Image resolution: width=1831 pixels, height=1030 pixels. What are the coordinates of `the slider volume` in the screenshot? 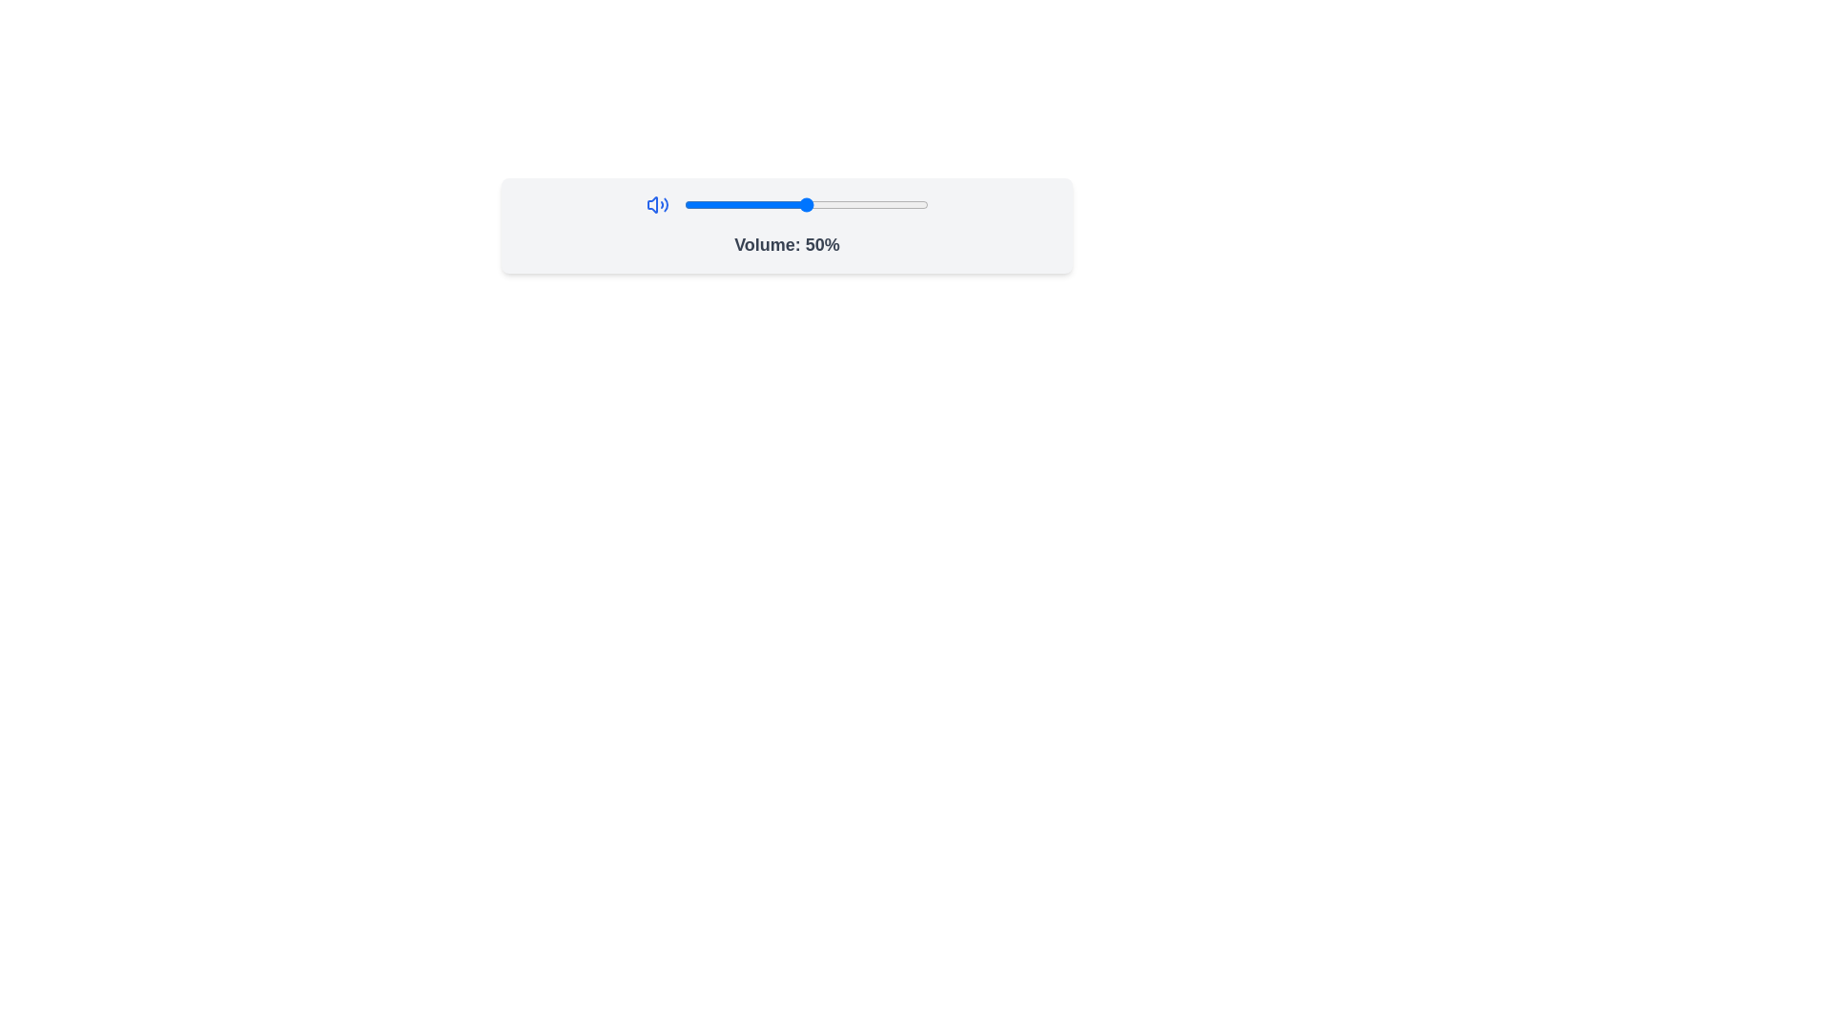 It's located at (705, 205).